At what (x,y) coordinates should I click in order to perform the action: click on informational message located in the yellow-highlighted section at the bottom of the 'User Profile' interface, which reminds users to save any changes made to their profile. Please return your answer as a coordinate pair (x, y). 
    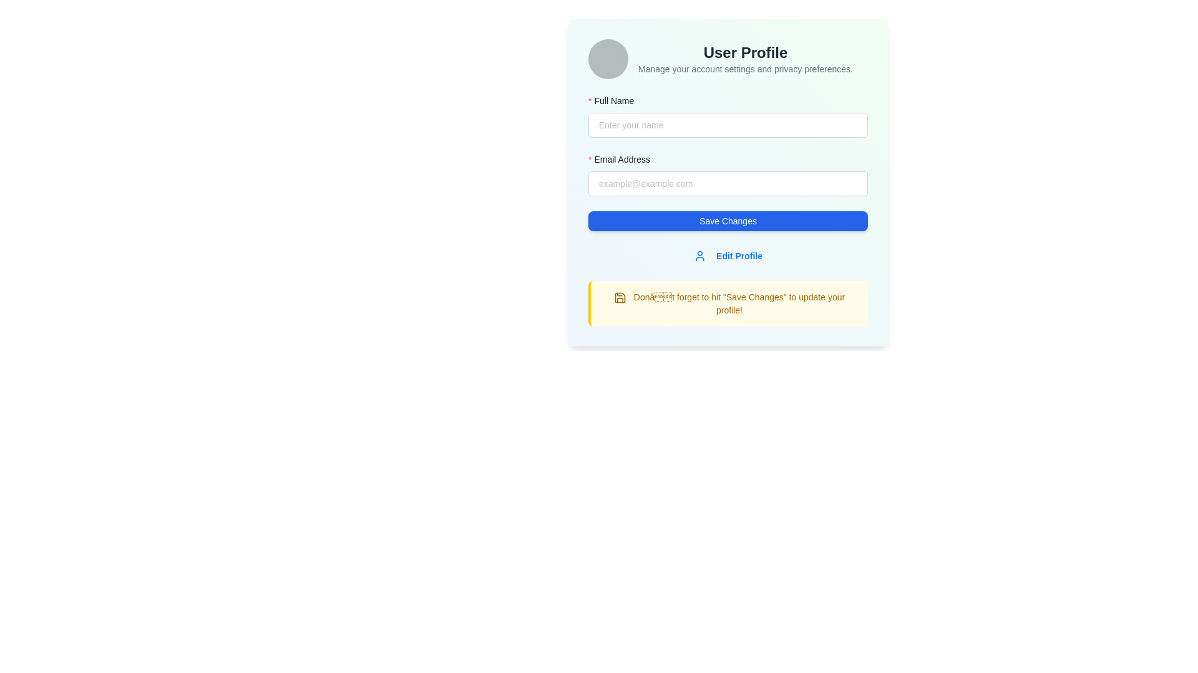
    Looking at the image, I should click on (729, 303).